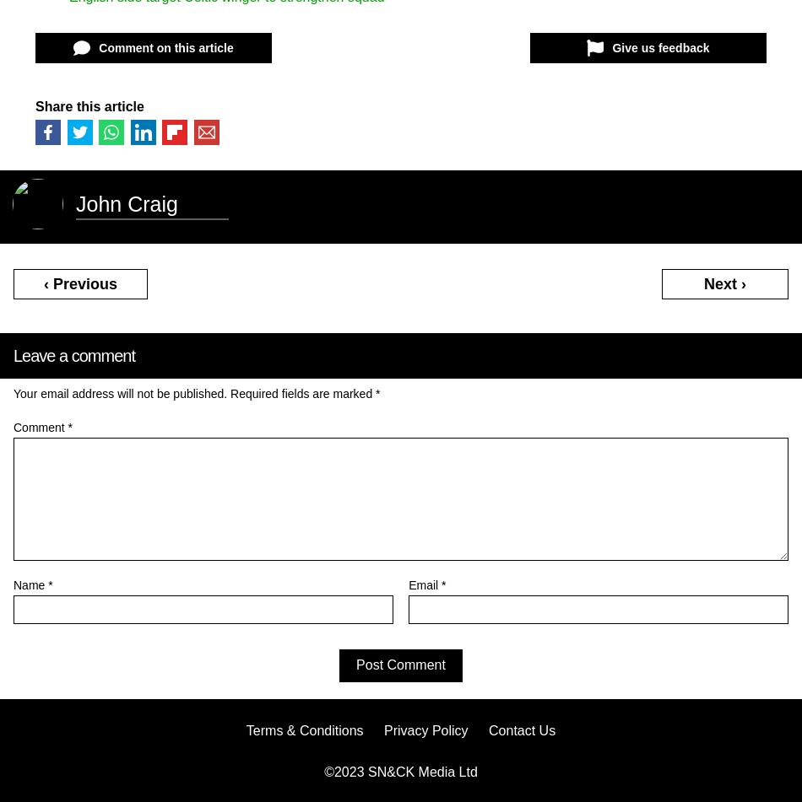  What do you see at coordinates (659, 47) in the screenshot?
I see `'Give us feedback'` at bounding box center [659, 47].